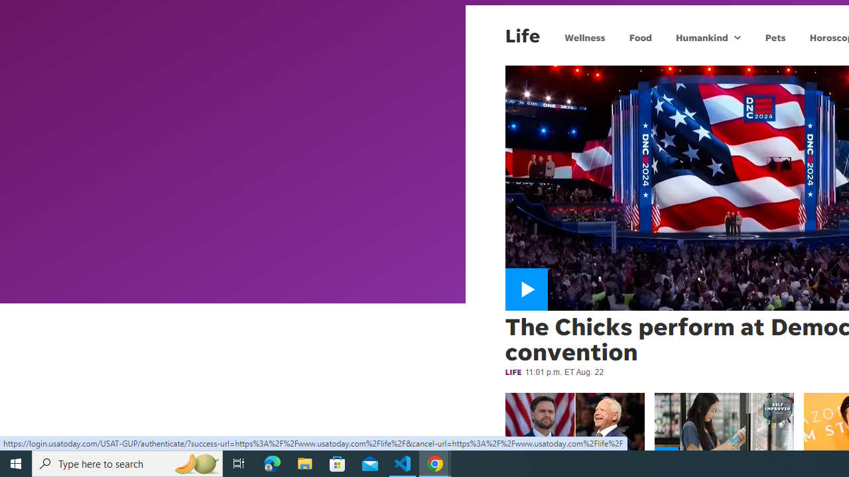  Describe the element at coordinates (736, 36) in the screenshot. I see `'More Humankind navigation'` at that location.